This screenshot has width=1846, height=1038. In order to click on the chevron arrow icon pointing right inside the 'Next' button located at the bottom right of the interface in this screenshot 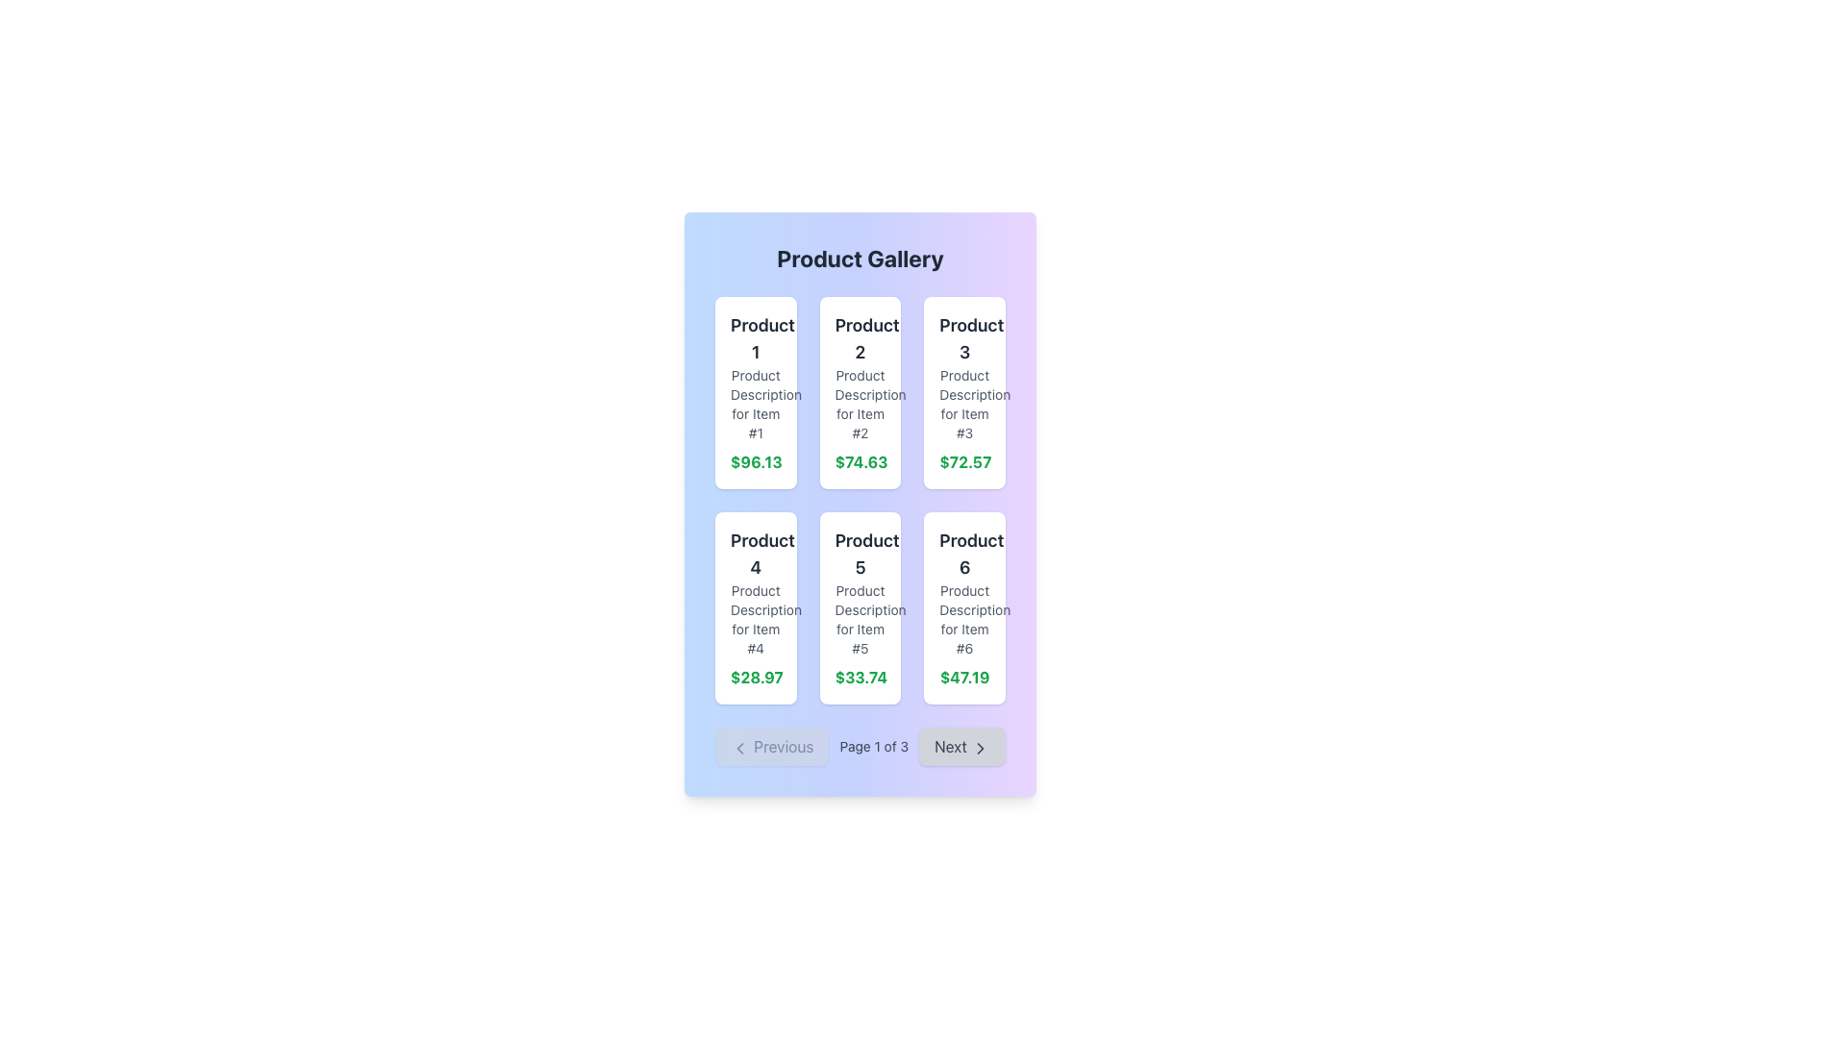, I will do `click(980, 747)`.